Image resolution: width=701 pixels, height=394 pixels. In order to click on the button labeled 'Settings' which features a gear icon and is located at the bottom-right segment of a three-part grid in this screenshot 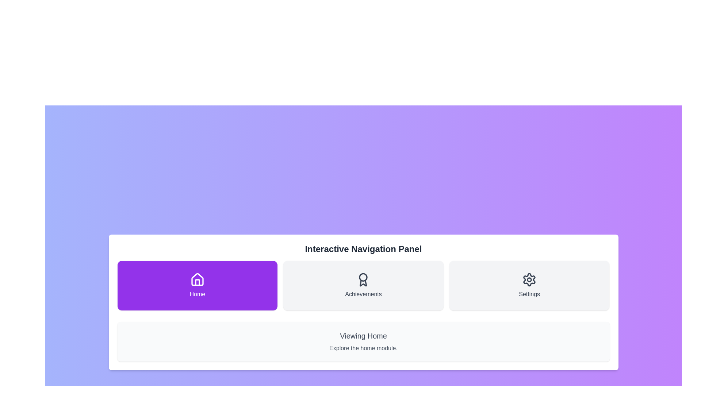, I will do `click(529, 285)`.